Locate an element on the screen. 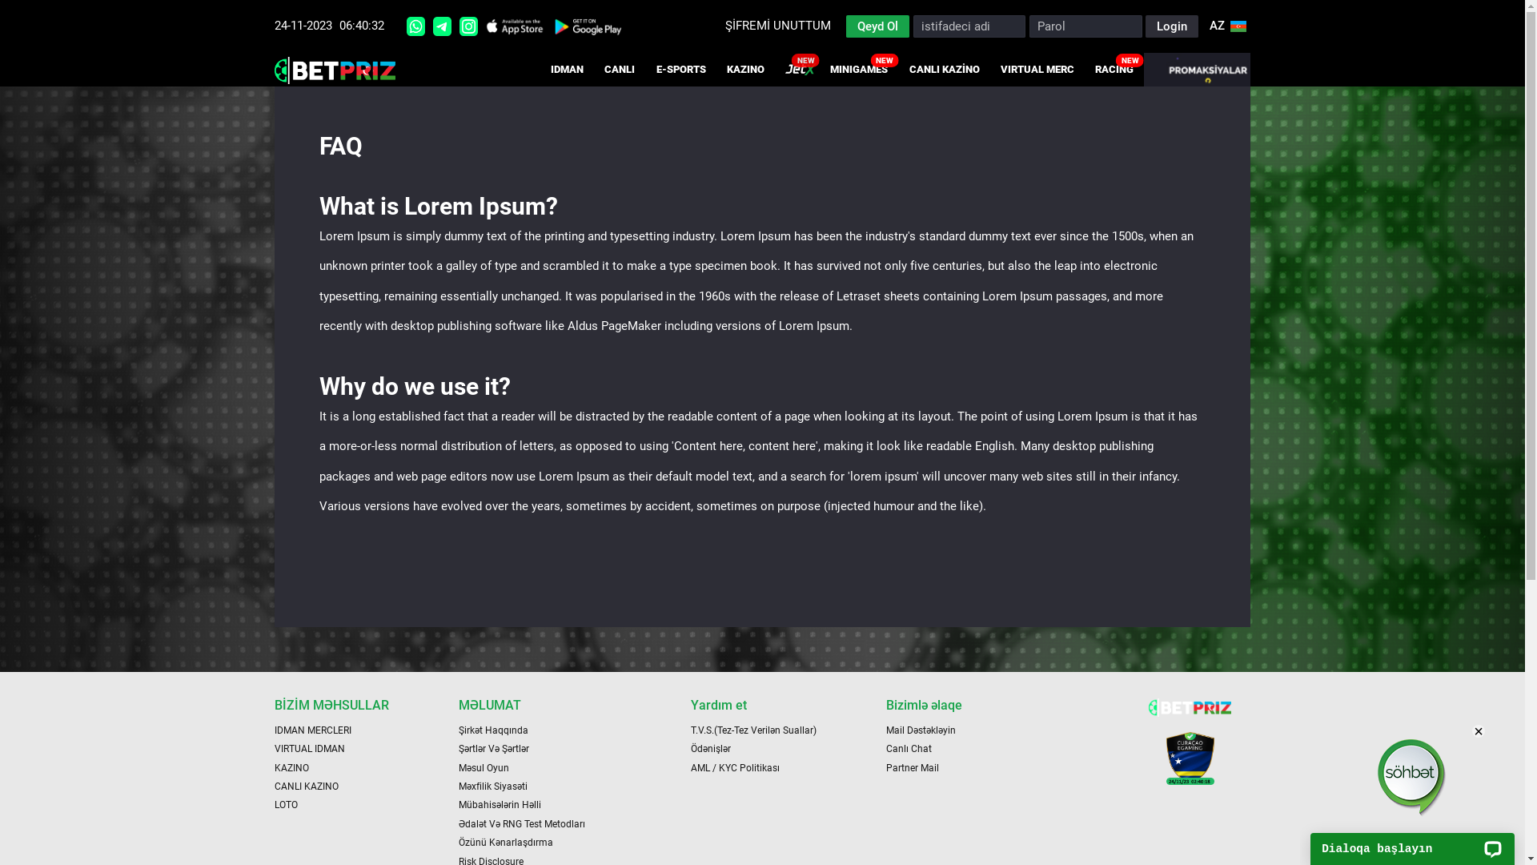 The image size is (1537, 865). 'JETX is located at coordinates (797, 69).